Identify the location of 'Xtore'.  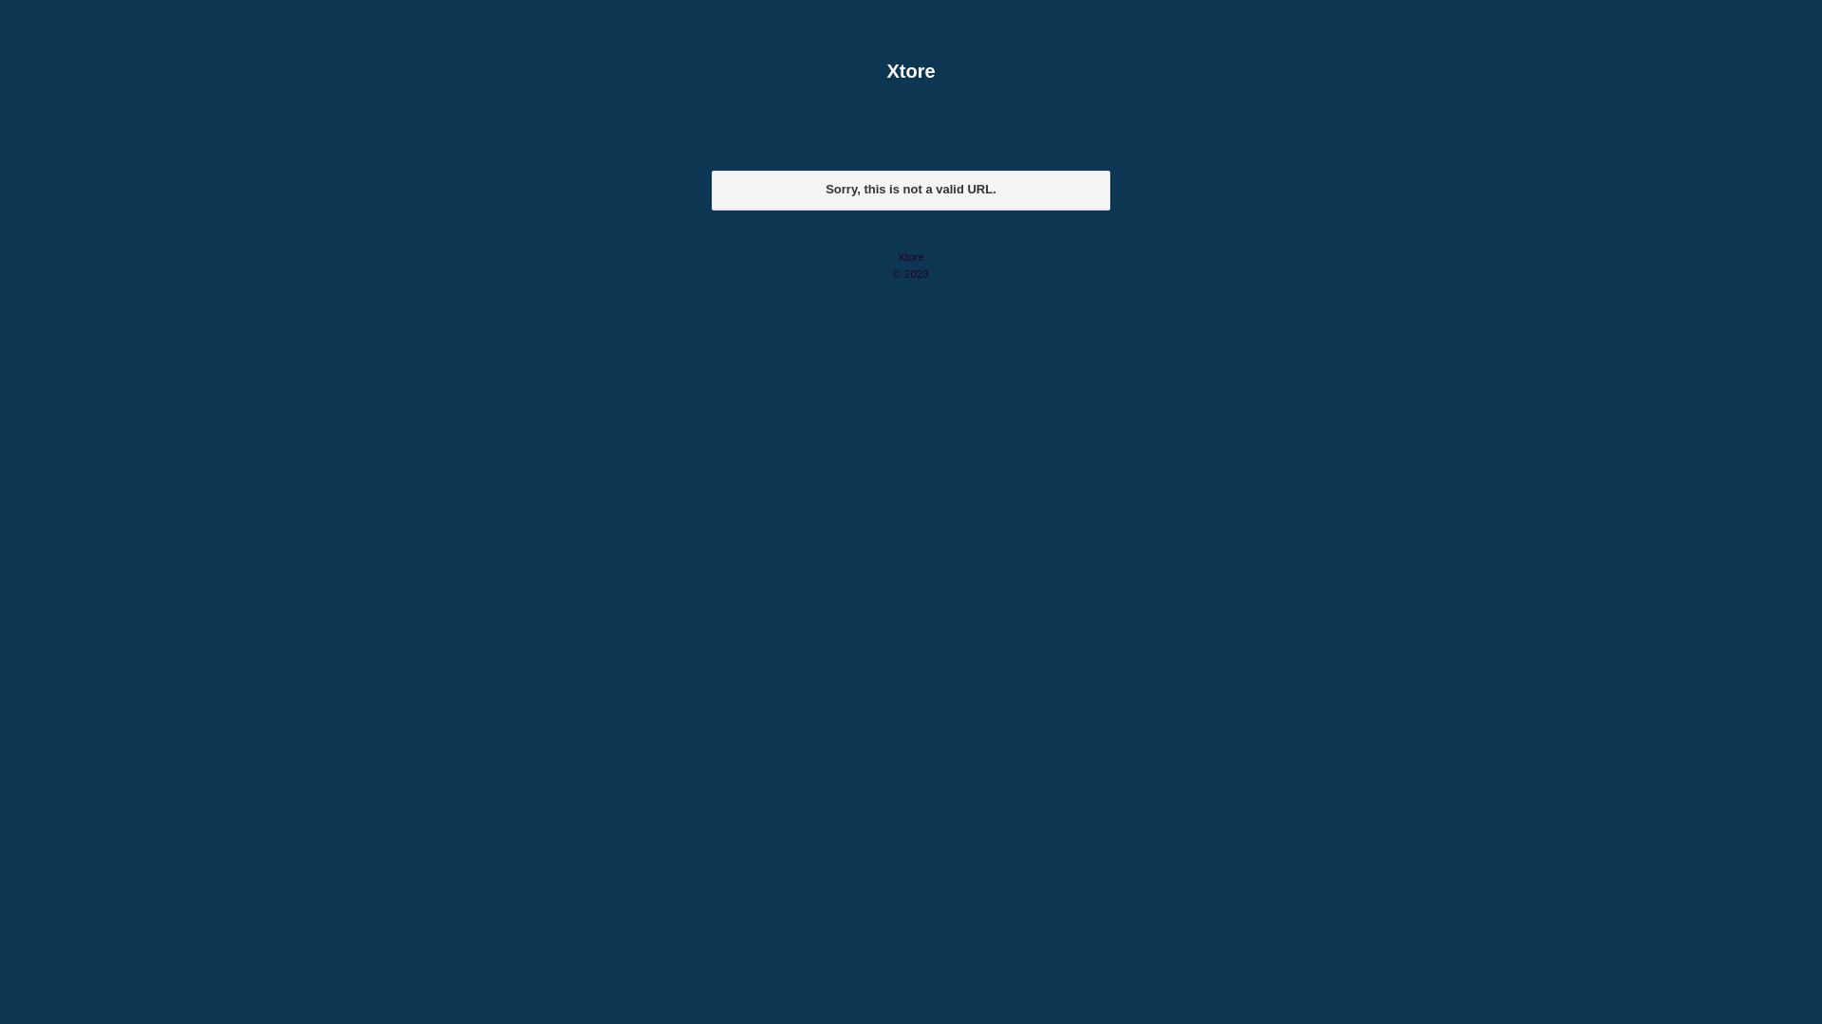
(911, 69).